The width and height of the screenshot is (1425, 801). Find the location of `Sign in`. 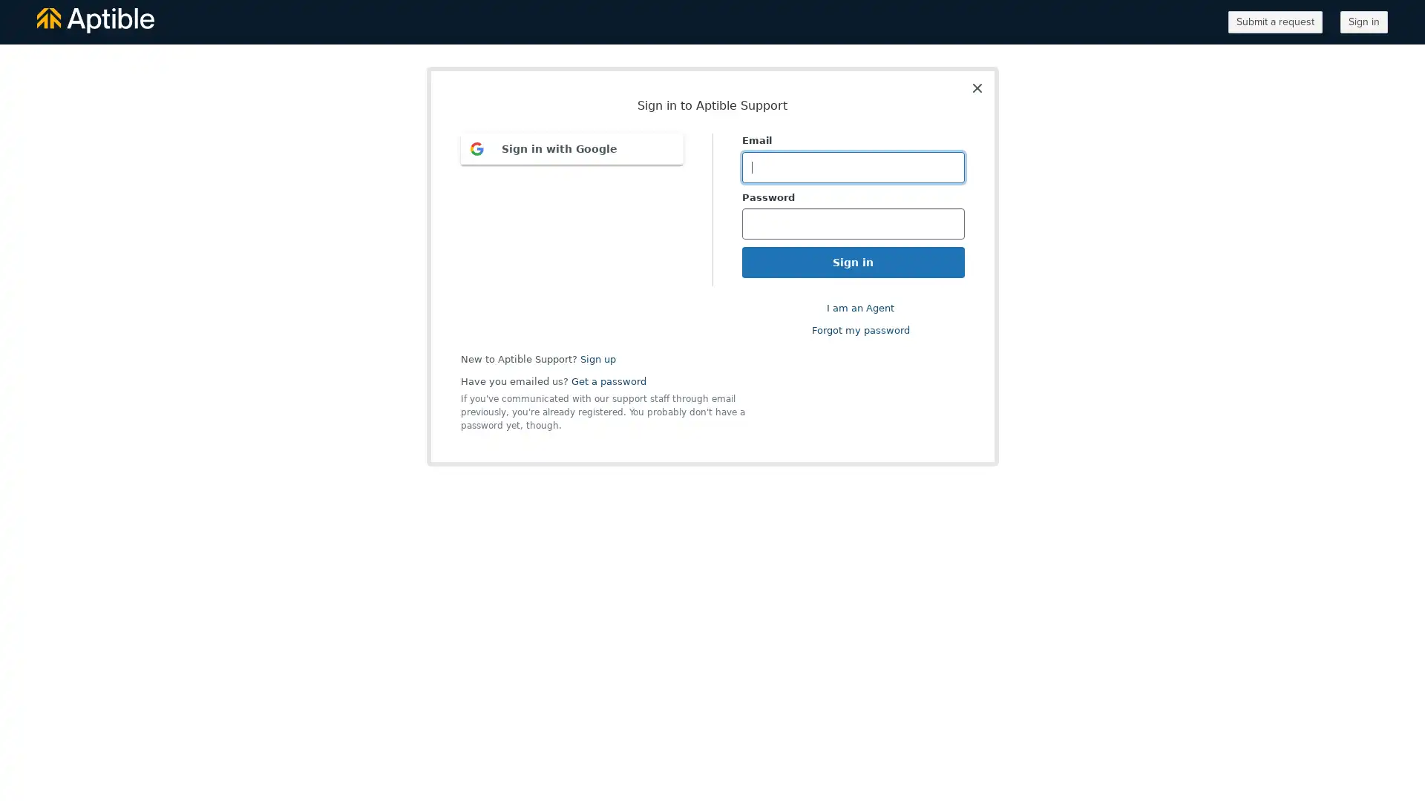

Sign in is located at coordinates (1364, 22).